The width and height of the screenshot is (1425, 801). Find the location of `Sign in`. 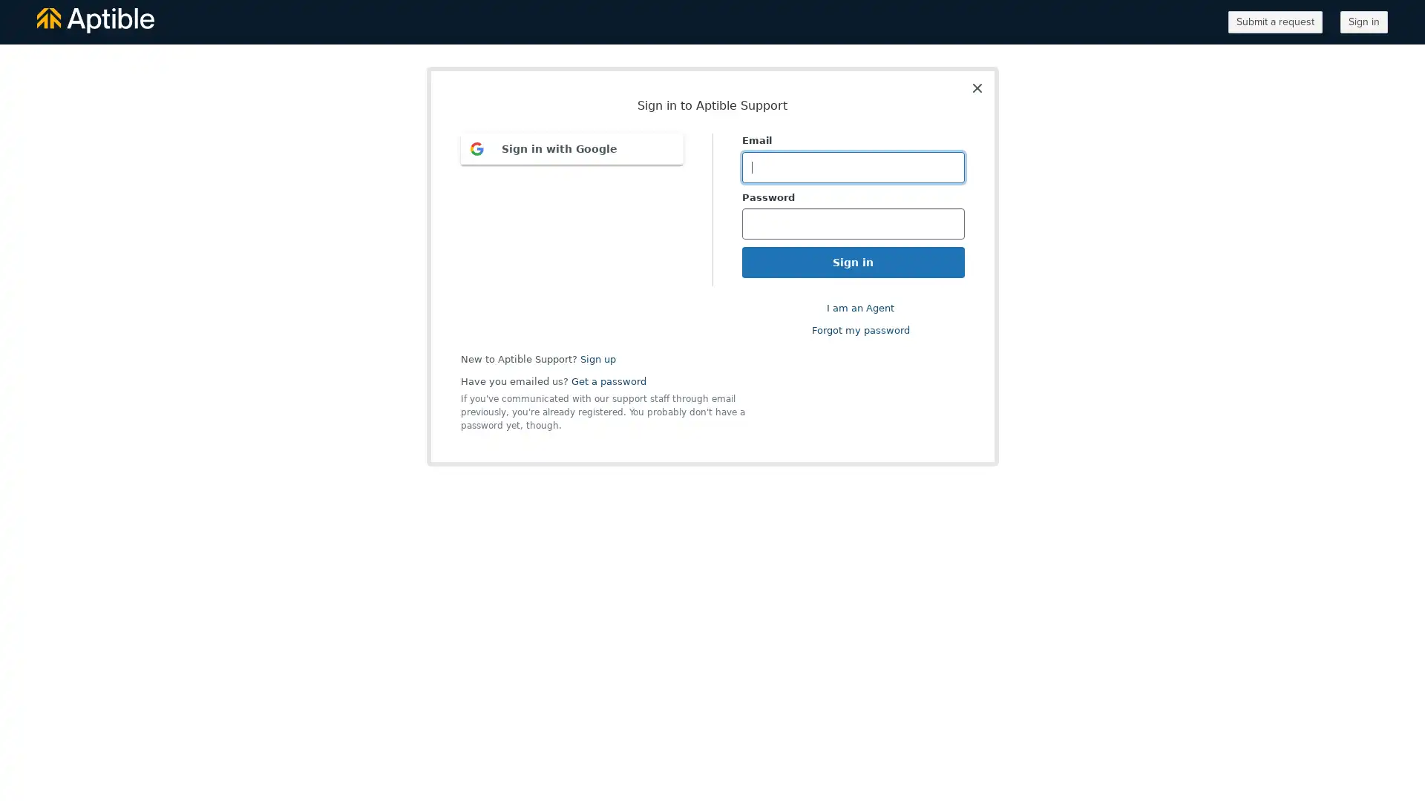

Sign in is located at coordinates (1364, 22).